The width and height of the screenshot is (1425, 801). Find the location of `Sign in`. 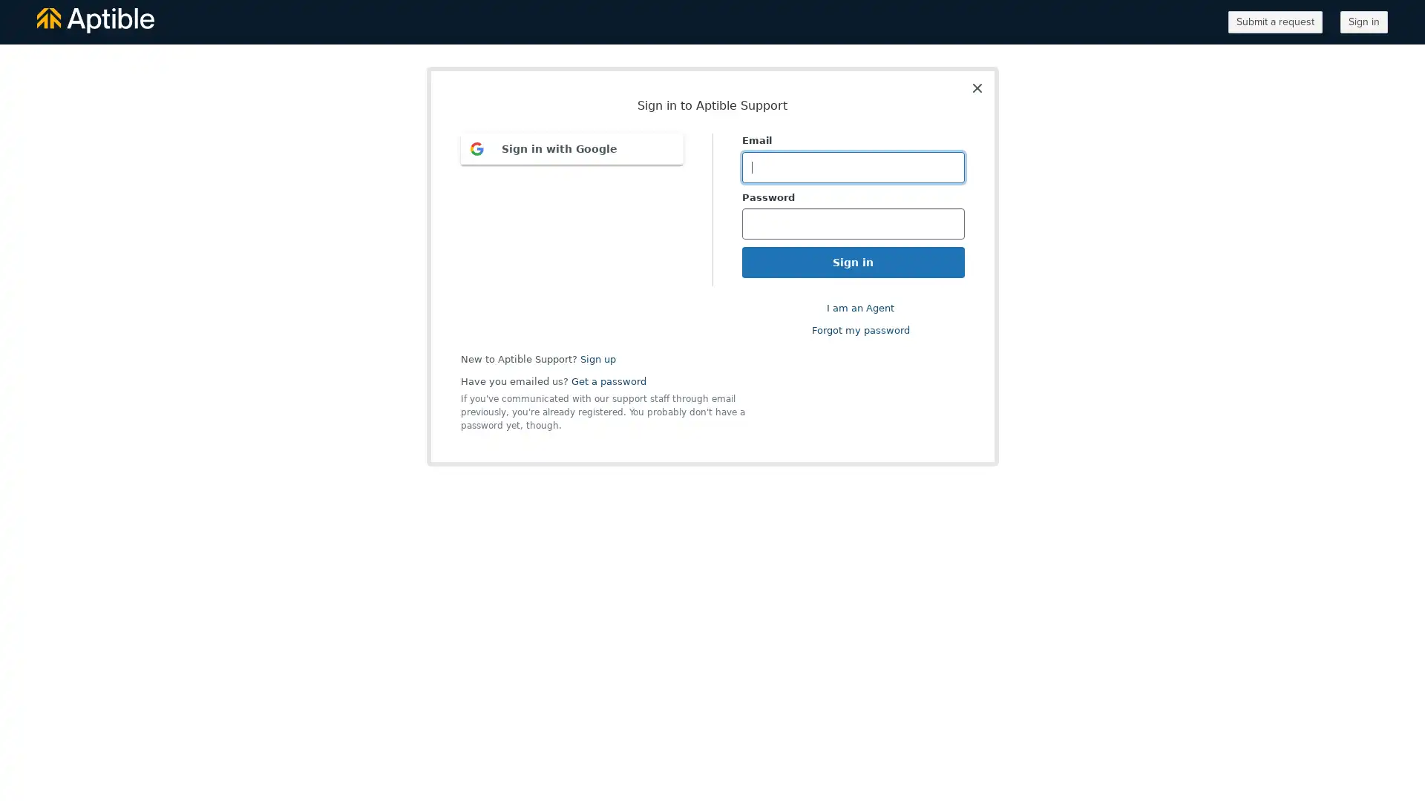

Sign in is located at coordinates (1364, 22).